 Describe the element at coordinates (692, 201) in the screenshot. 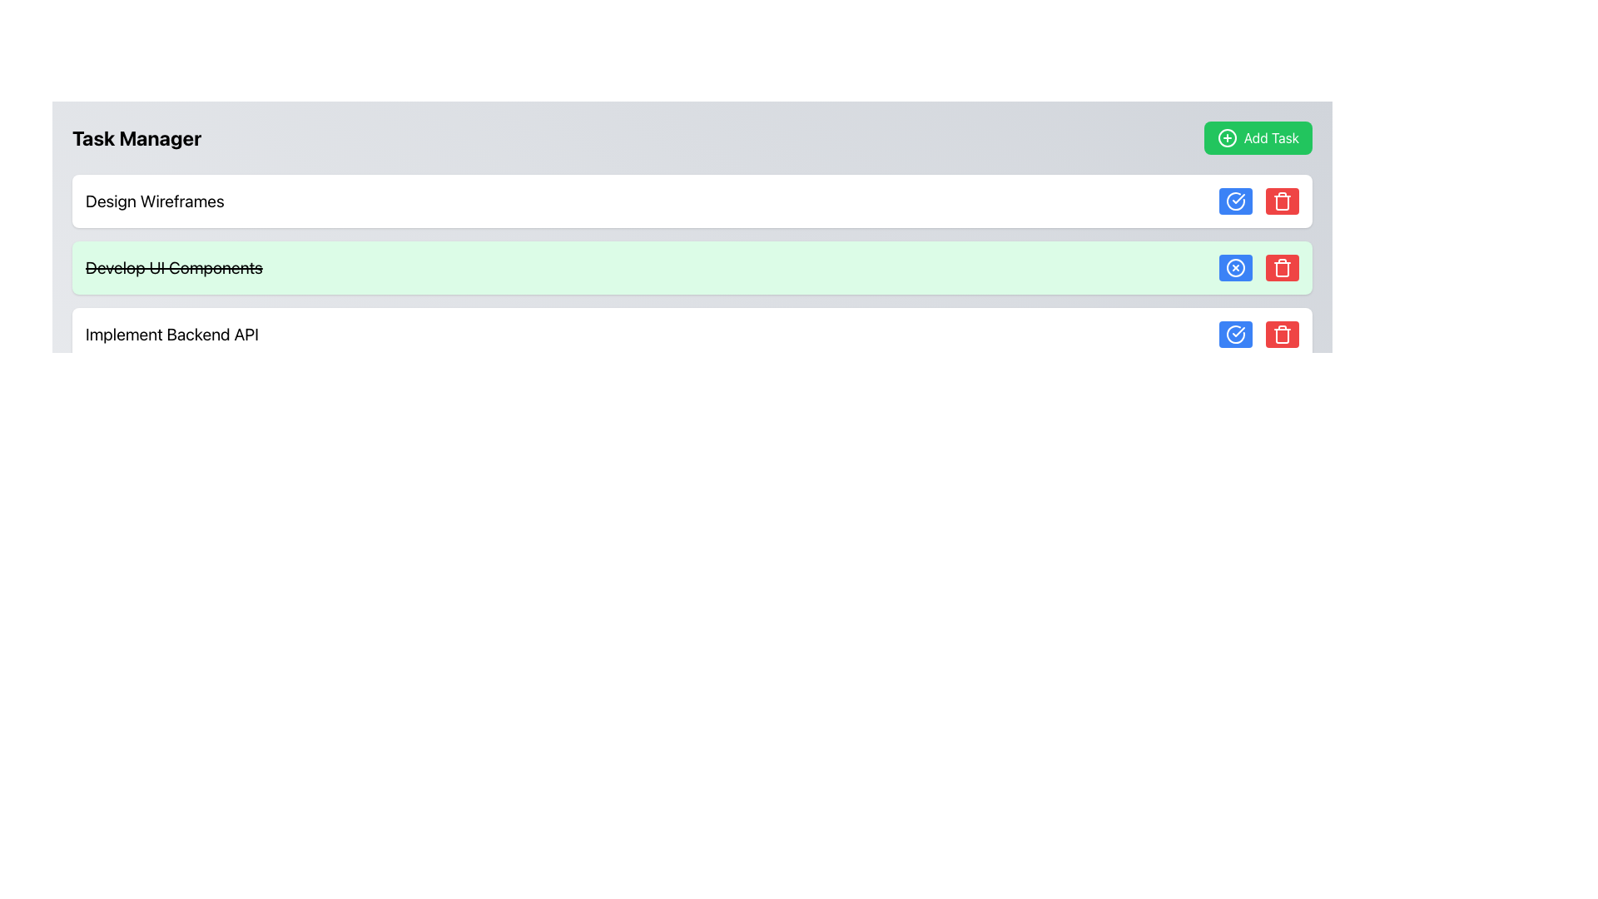

I see `the Task entry panel labeled 'Design Wireframes', which is the first item` at that location.